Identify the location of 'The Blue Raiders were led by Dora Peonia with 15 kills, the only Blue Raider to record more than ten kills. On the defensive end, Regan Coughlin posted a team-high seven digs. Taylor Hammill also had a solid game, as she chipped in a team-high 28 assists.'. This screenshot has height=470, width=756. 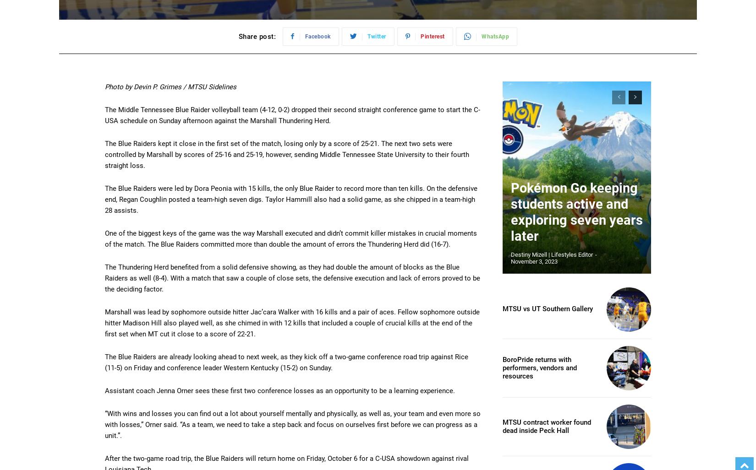
(290, 199).